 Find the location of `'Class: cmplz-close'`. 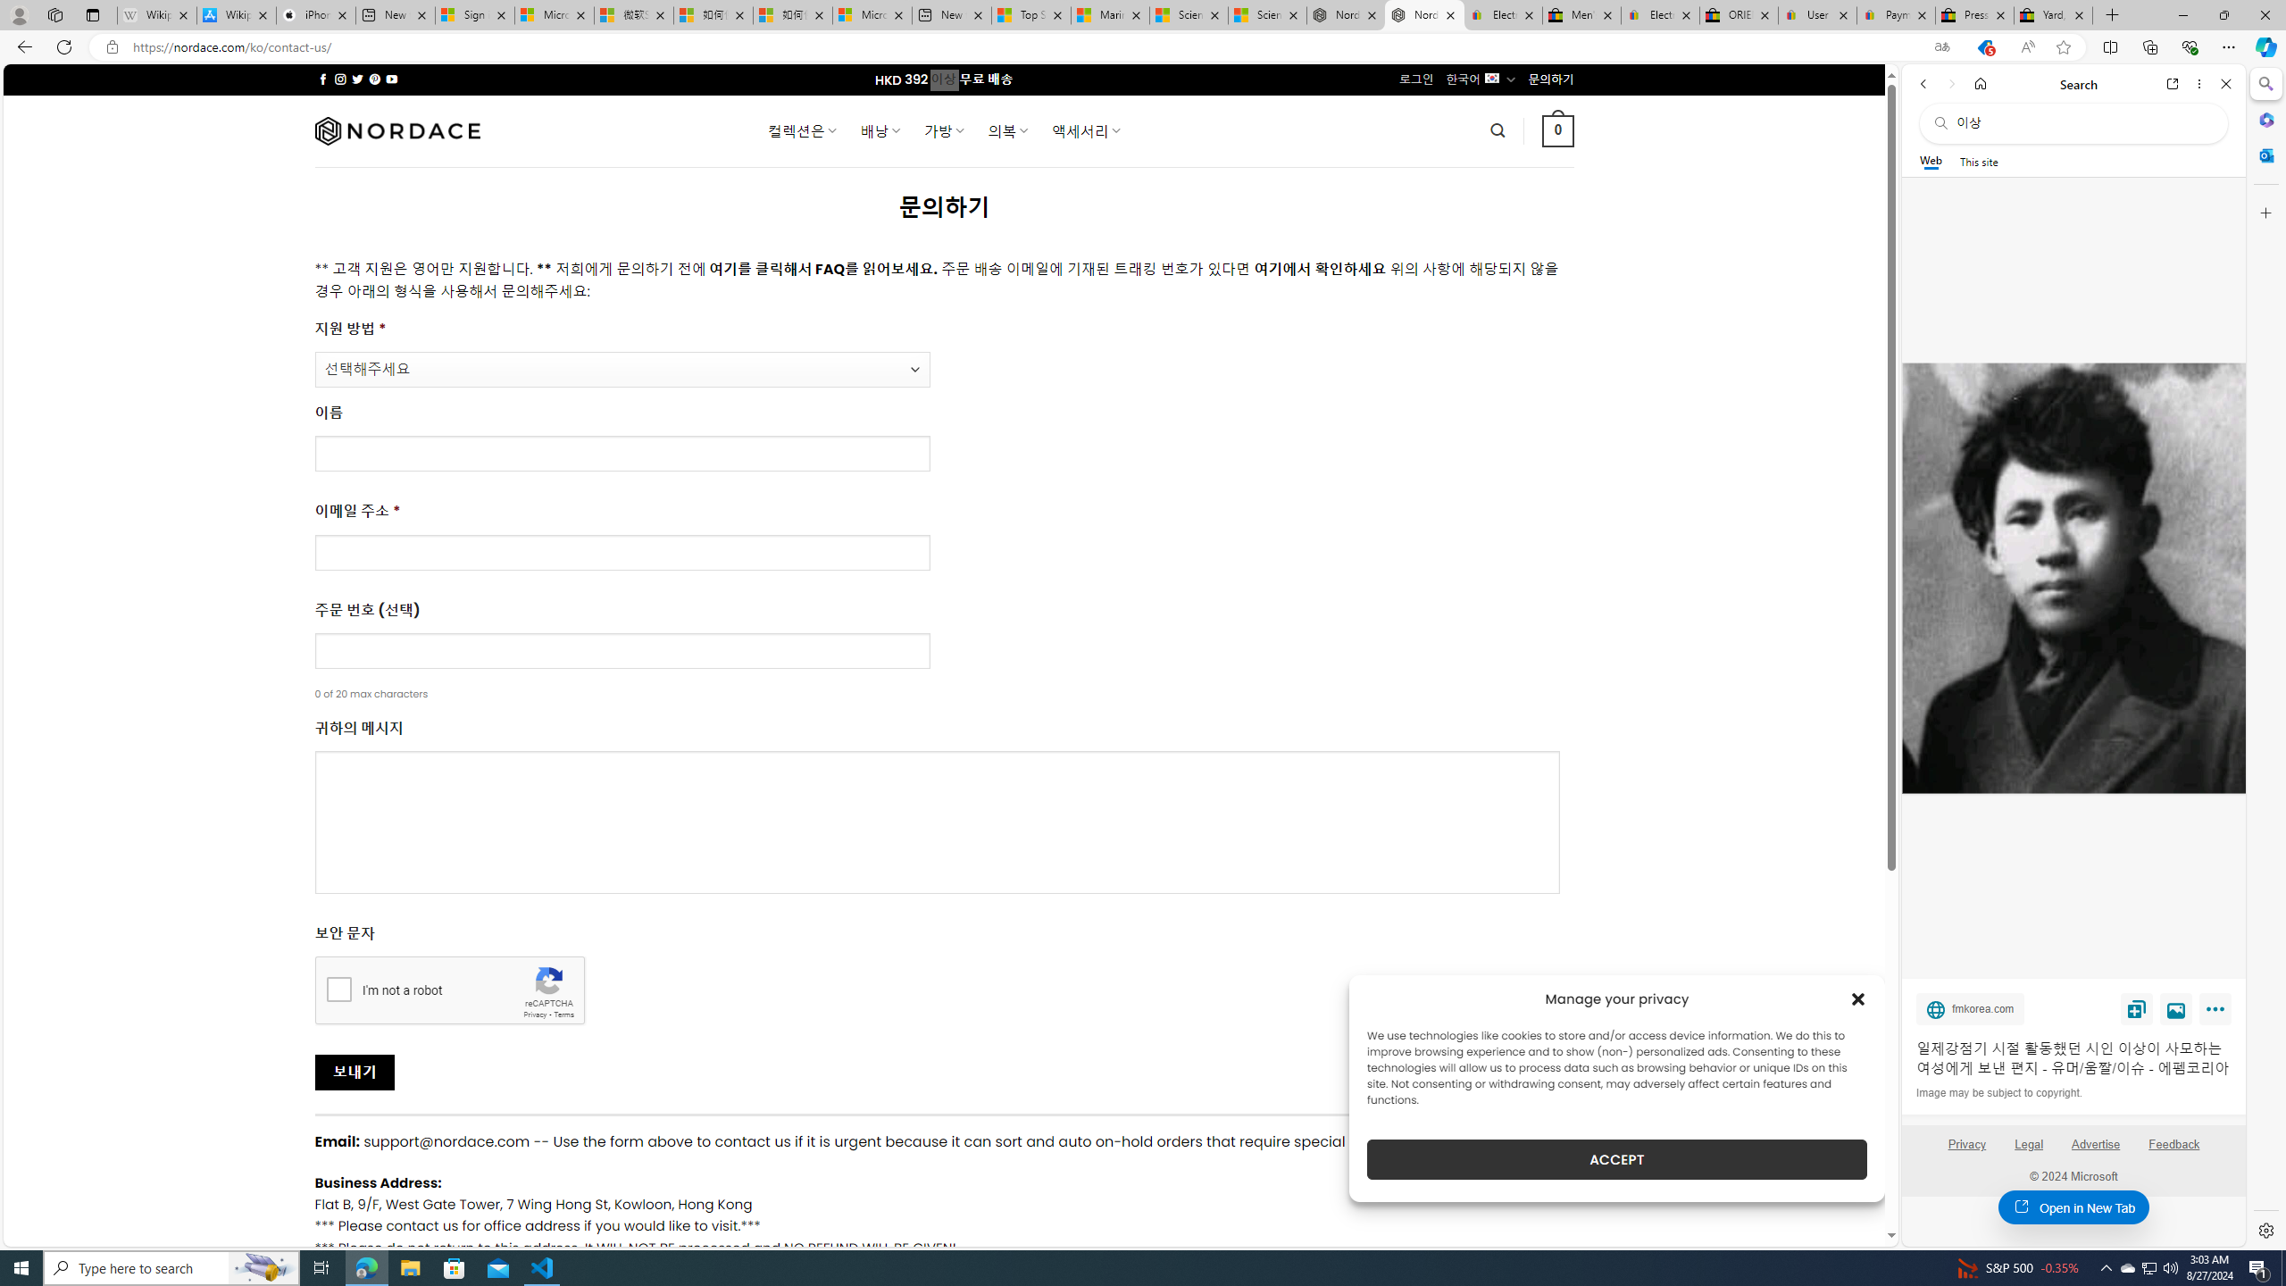

'Class: cmplz-close' is located at coordinates (1857, 998).